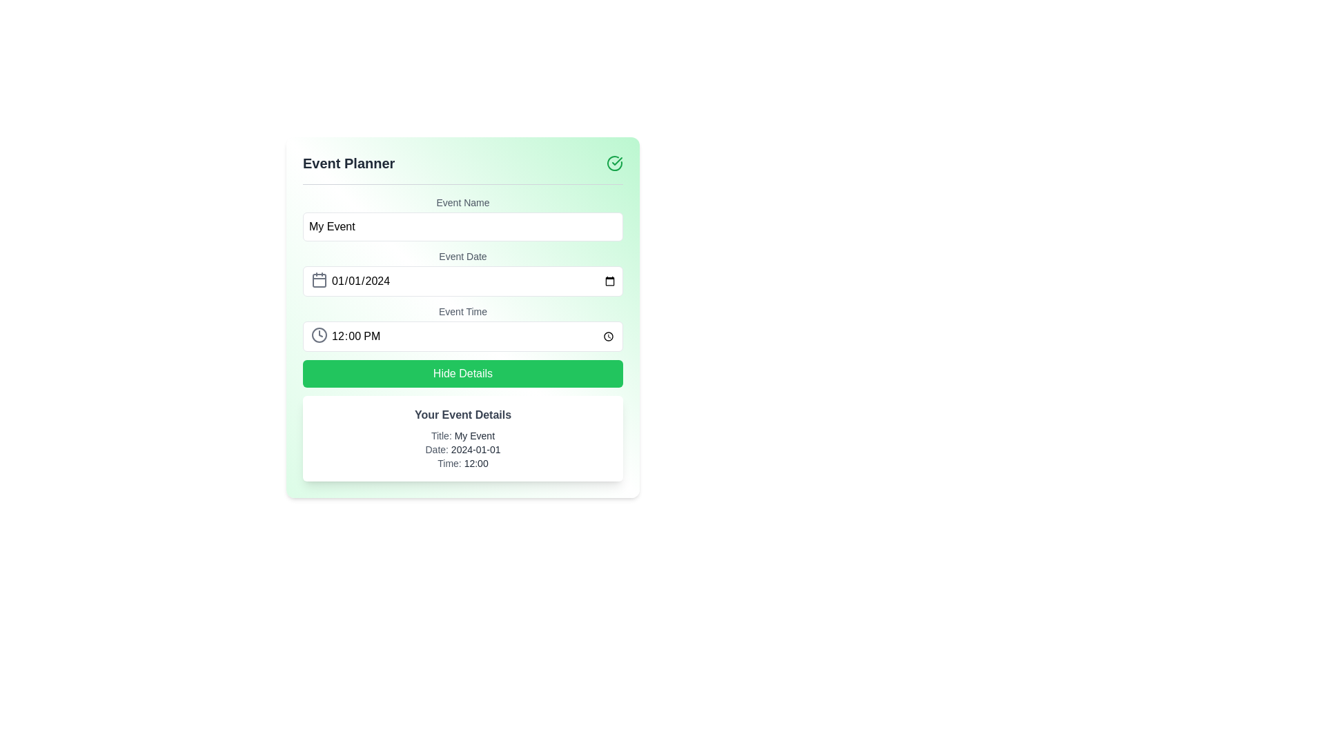 This screenshot has width=1325, height=745. What do you see at coordinates (463, 202) in the screenshot?
I see `the 'Event Name' text label, which is styled in gray and positioned above the input field` at bounding box center [463, 202].